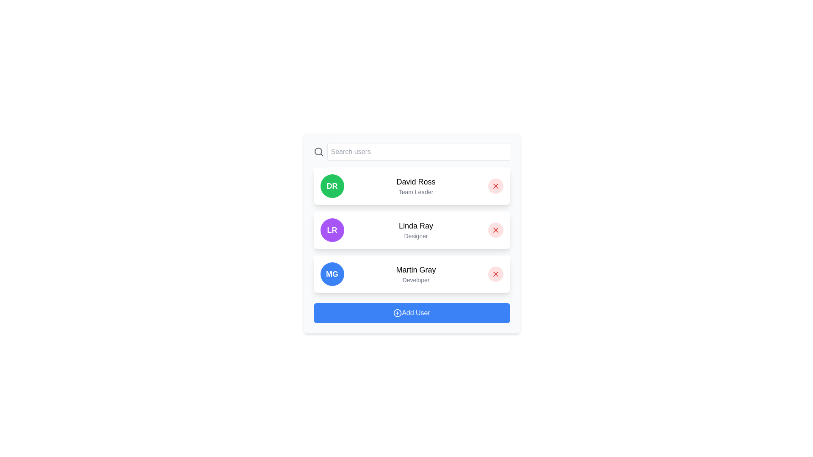 This screenshot has width=813, height=457. Describe the element at coordinates (495, 274) in the screenshot. I see `the delete button located in the top-right corner of the card displaying 'Martin Gray' and the role 'Developer'` at that location.